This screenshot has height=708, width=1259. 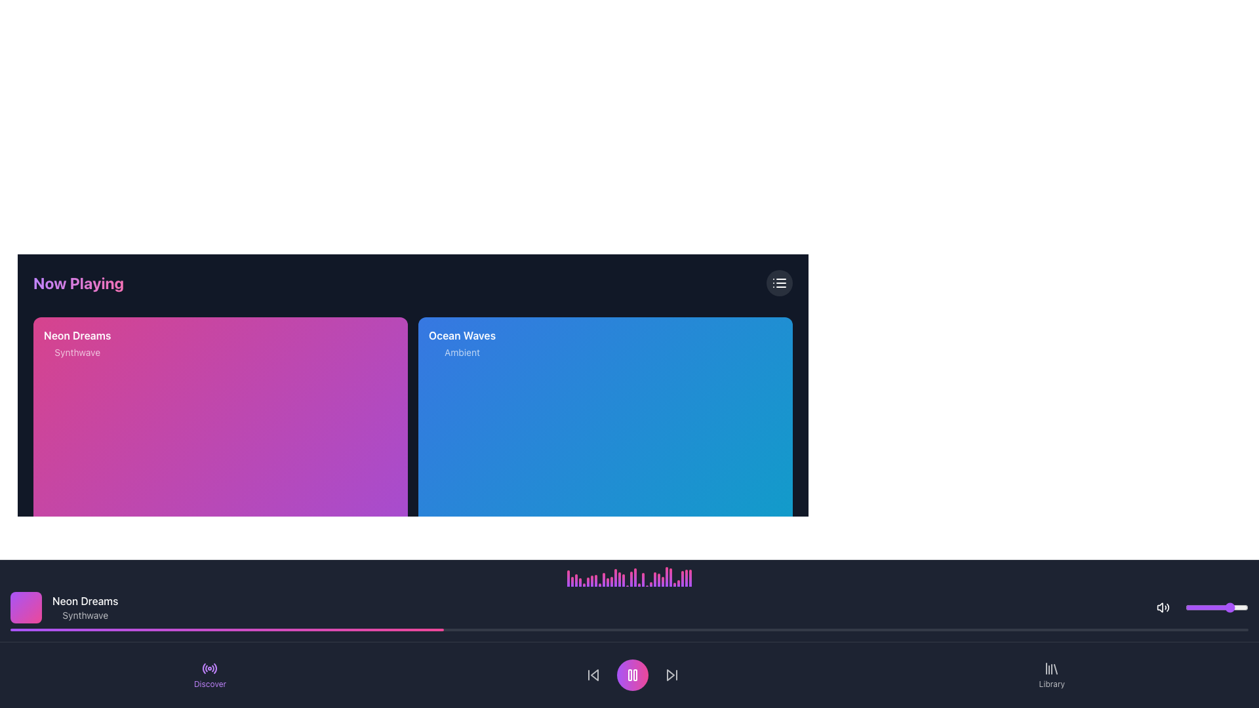 I want to click on the progress visually on the distinct horizontal progress bar located at the bottom of the interface, which has a vibrant gradient fill transitioning from purple to pink, so click(x=629, y=629).